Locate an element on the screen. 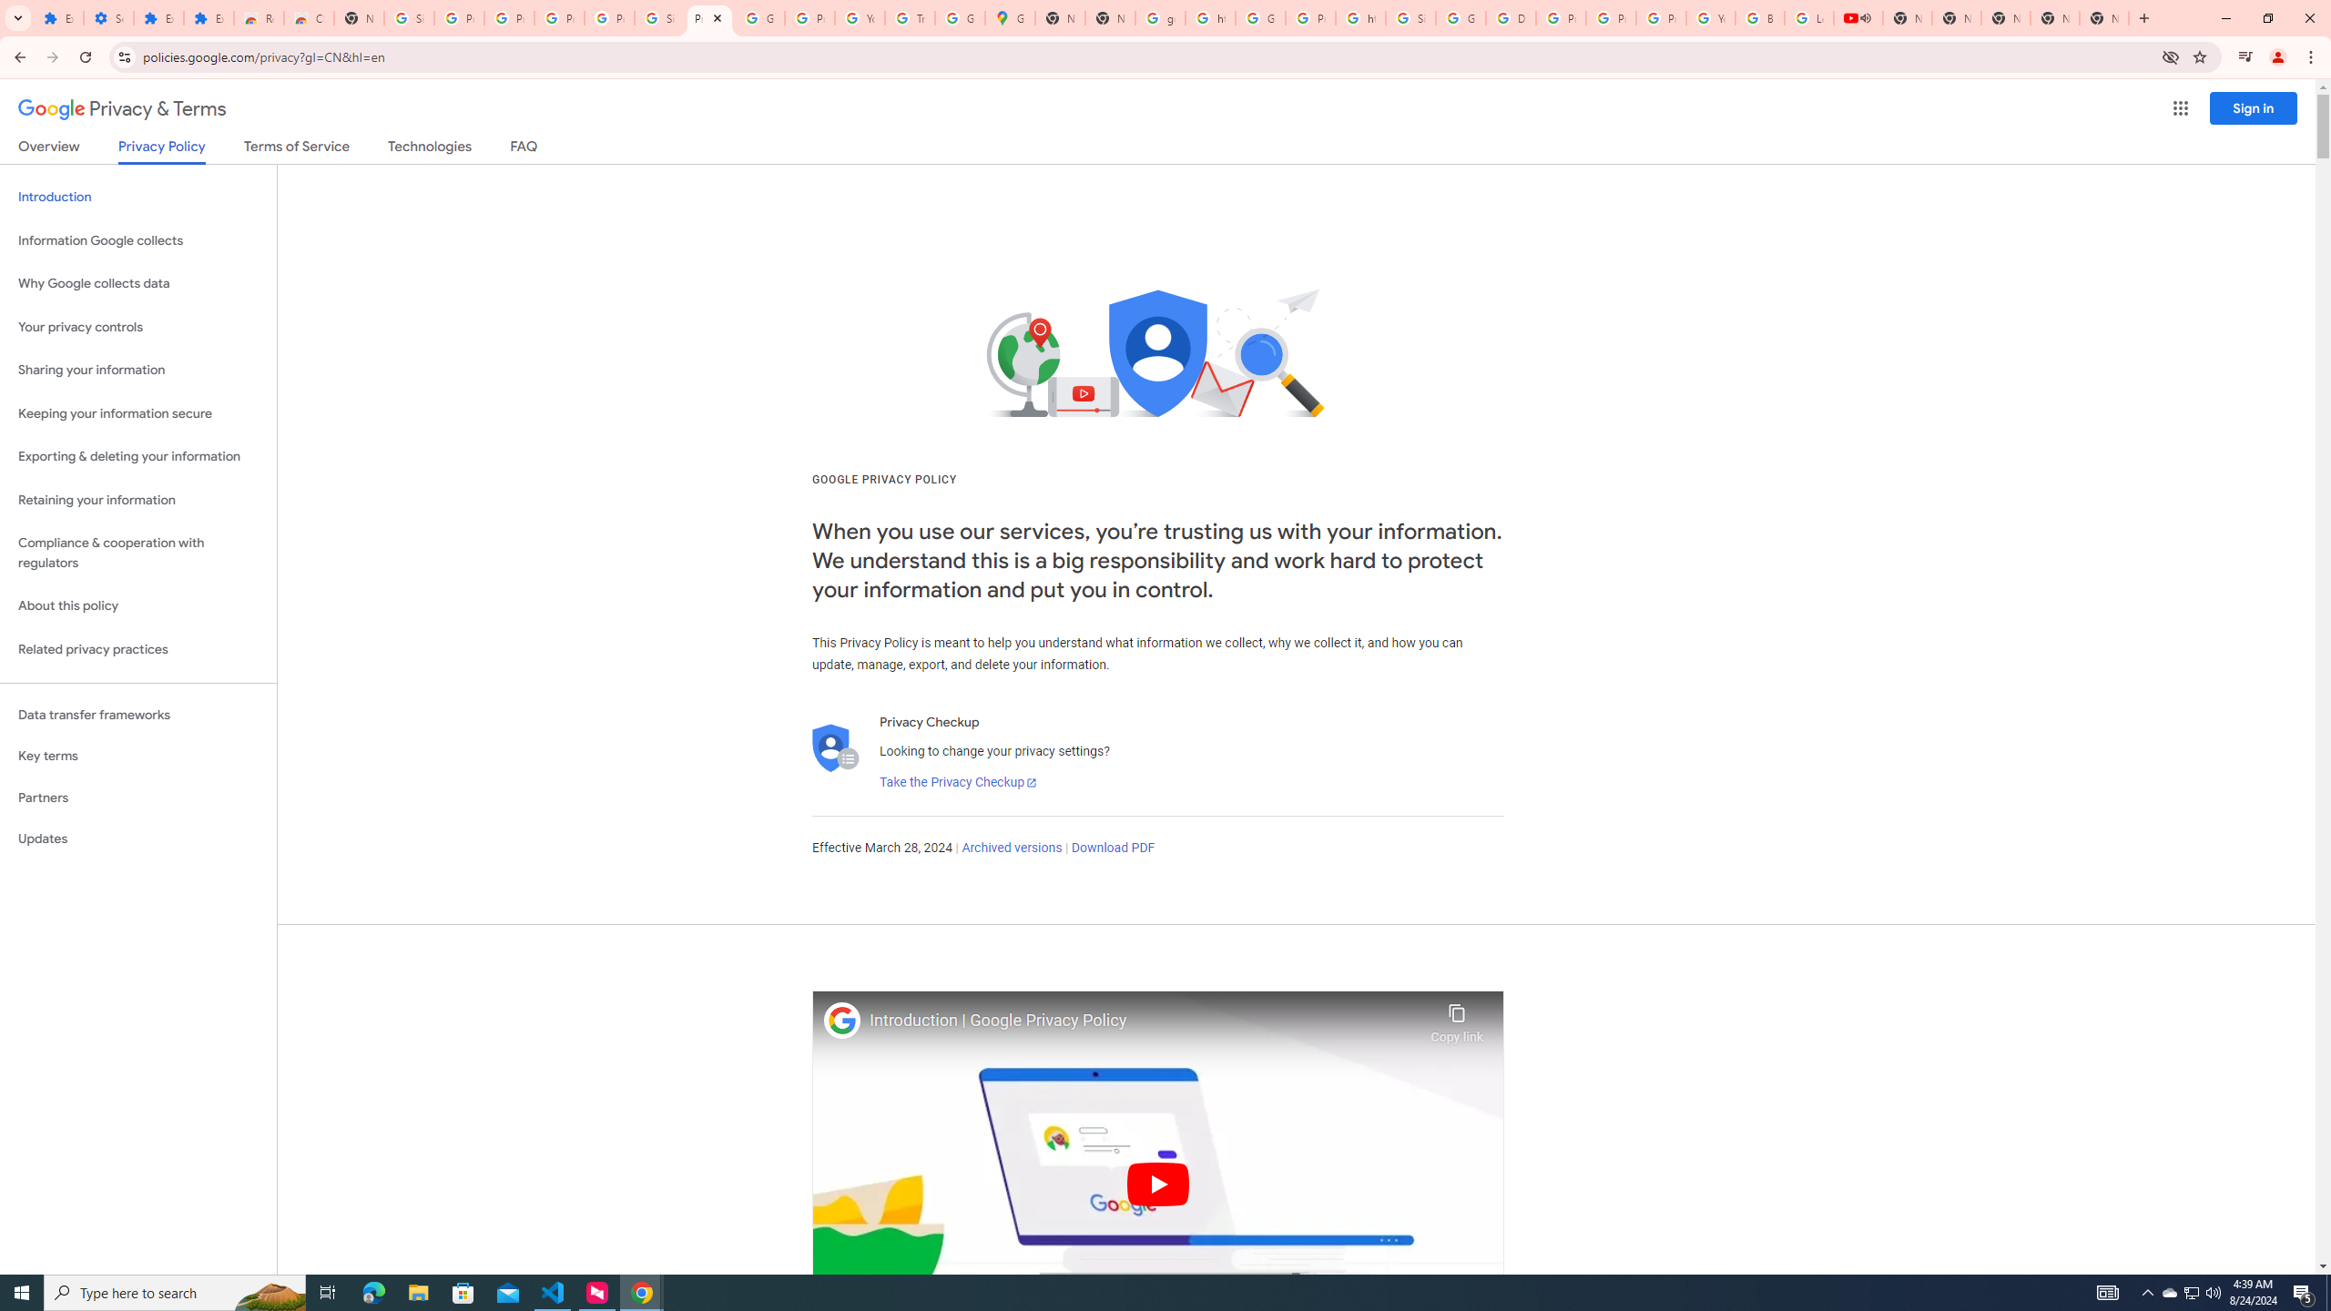 Image resolution: width=2331 pixels, height=1311 pixels. 'Settings' is located at coordinates (107, 17).